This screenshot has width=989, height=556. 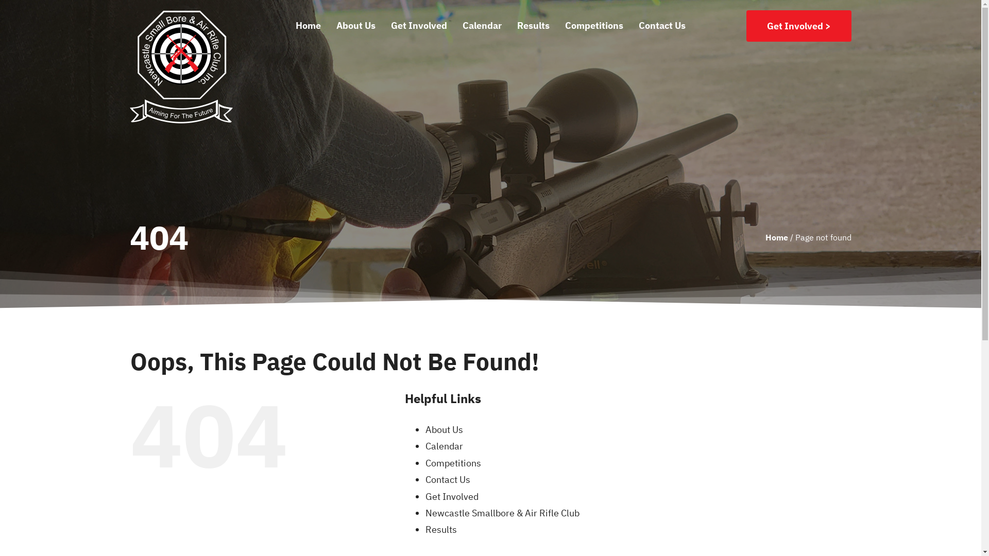 I want to click on 'Get Involved >', so click(x=798, y=25).